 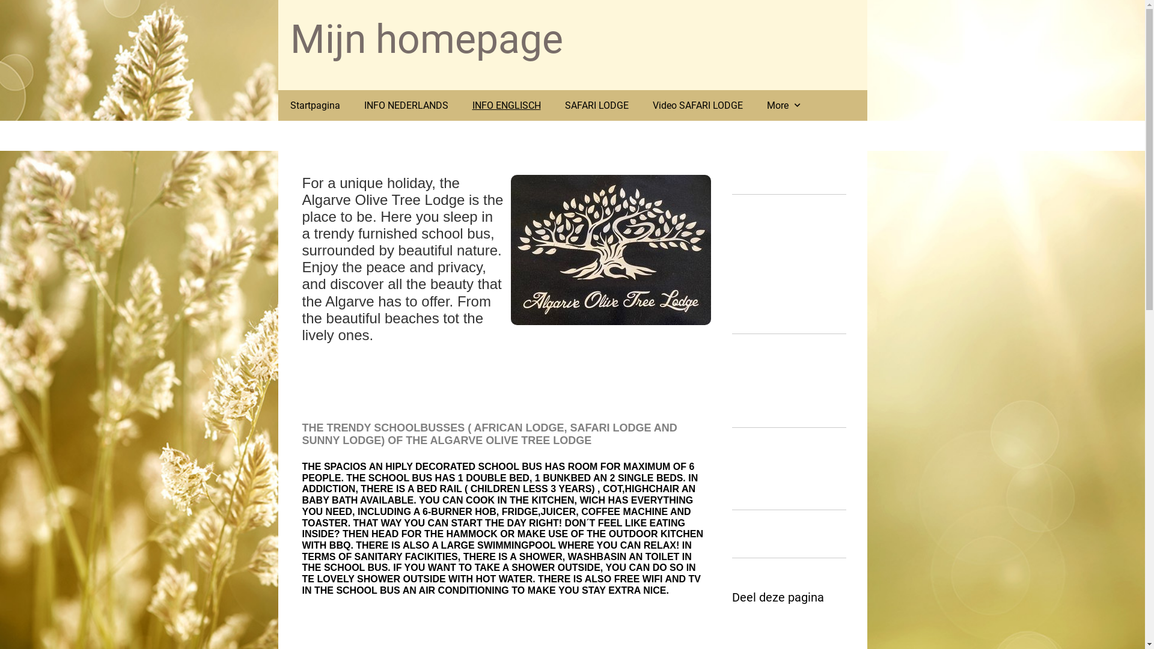 What do you see at coordinates (426, 38) in the screenshot?
I see `'Mijn homepage'` at bounding box center [426, 38].